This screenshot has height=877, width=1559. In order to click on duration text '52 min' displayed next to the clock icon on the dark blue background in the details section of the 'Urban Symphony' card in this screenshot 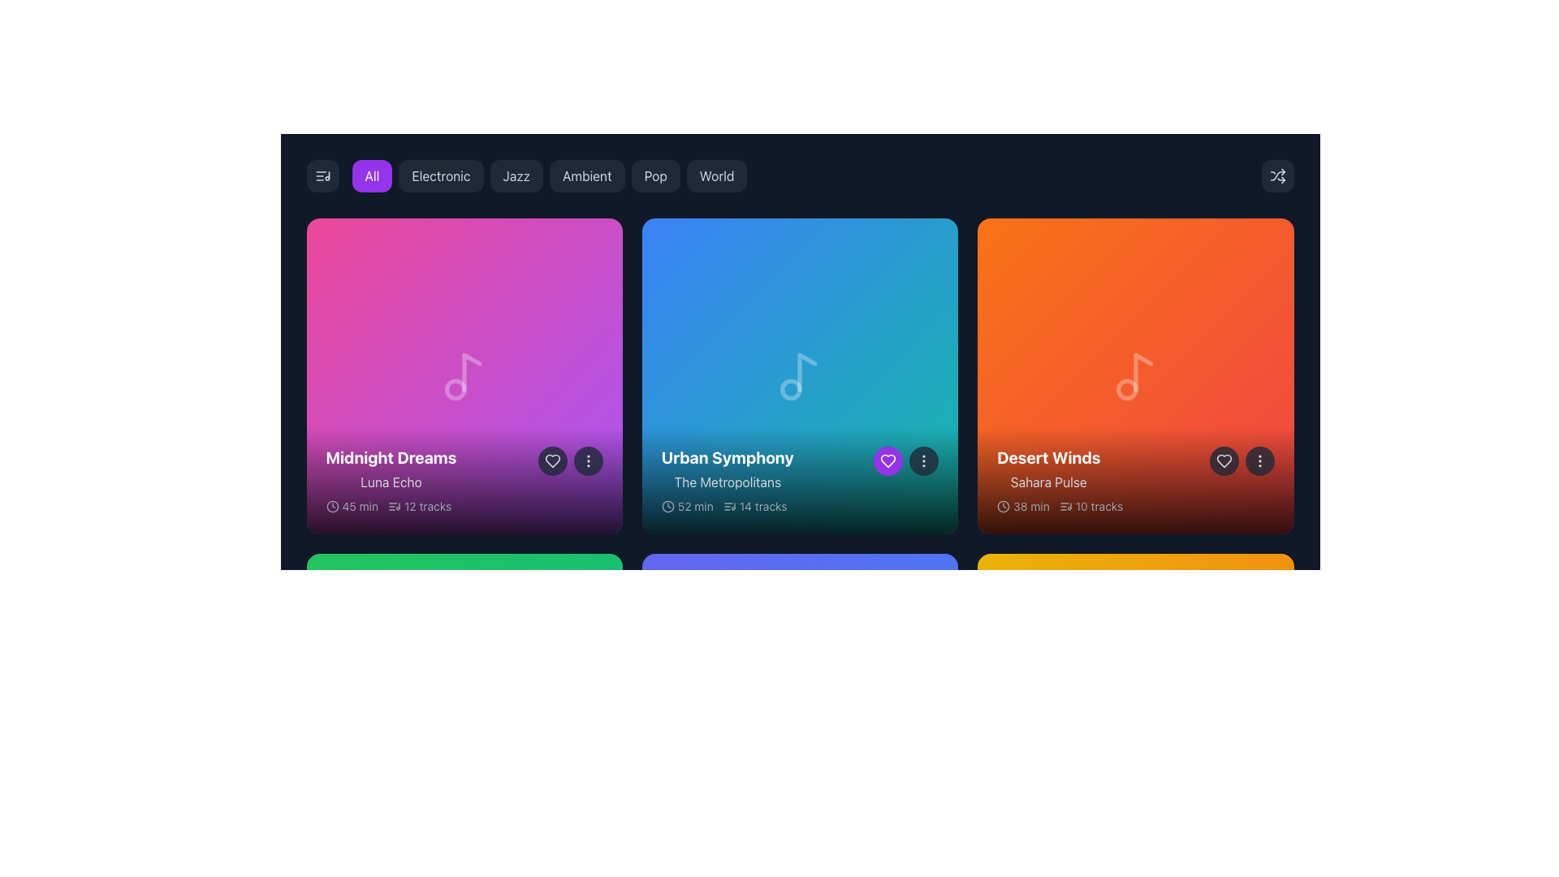, I will do `click(687, 506)`.